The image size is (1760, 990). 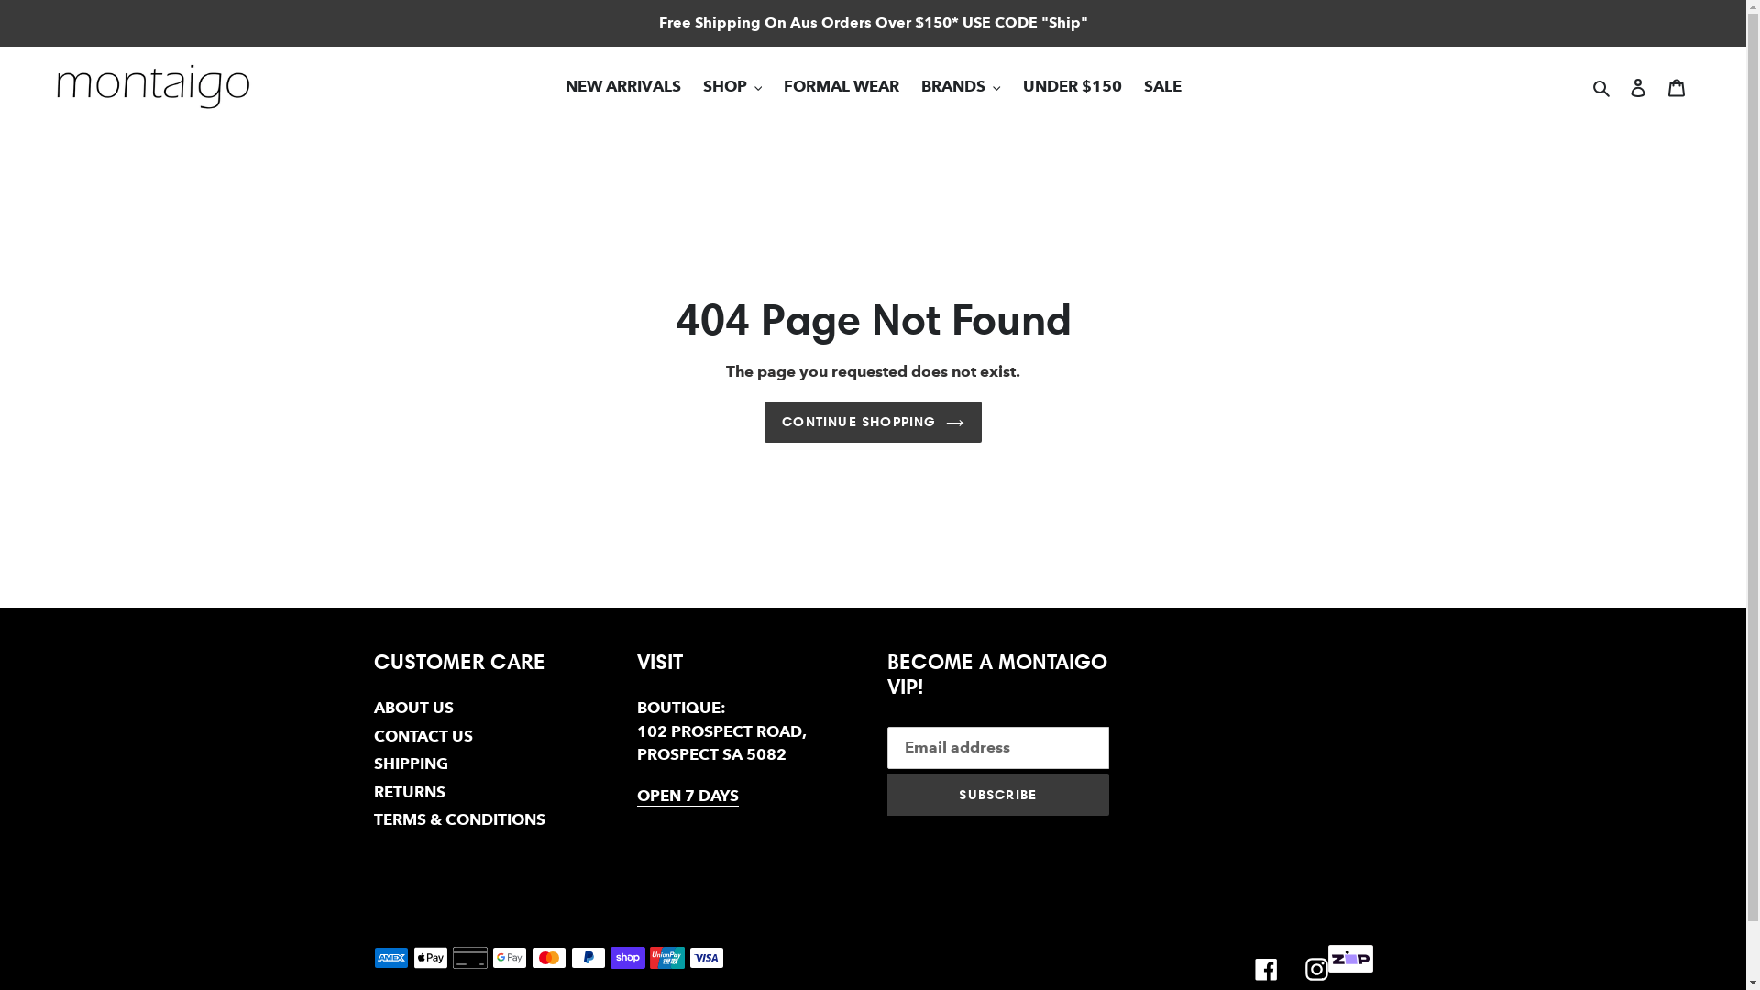 What do you see at coordinates (1265, 967) in the screenshot?
I see `'Facebook'` at bounding box center [1265, 967].